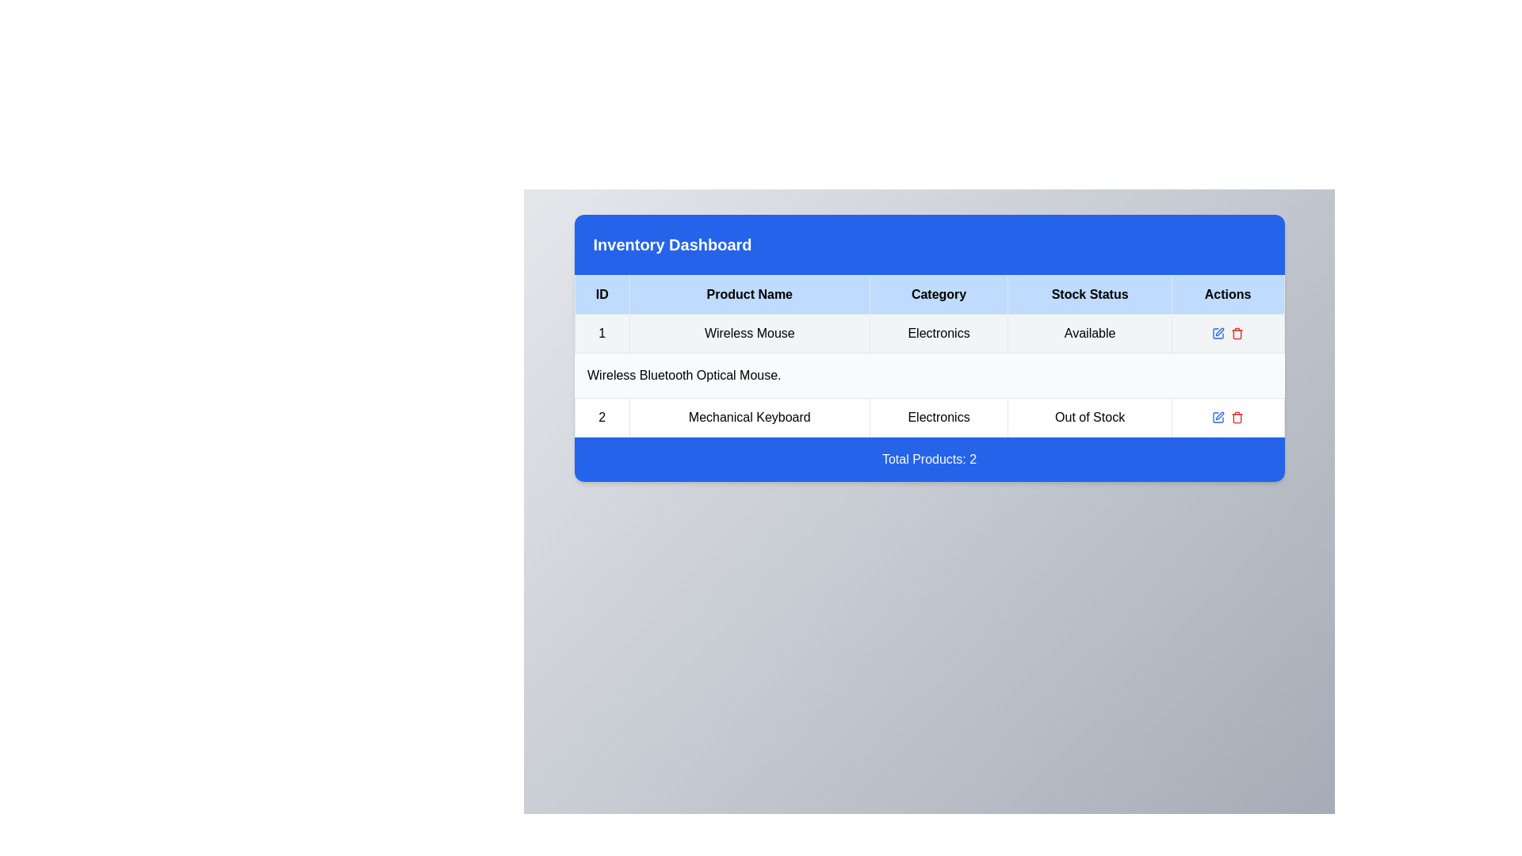 The width and height of the screenshot is (1522, 856). Describe the element at coordinates (1237, 332) in the screenshot. I see `the small red trash bin icon in the 'Actions' column of the first row of the table` at that location.